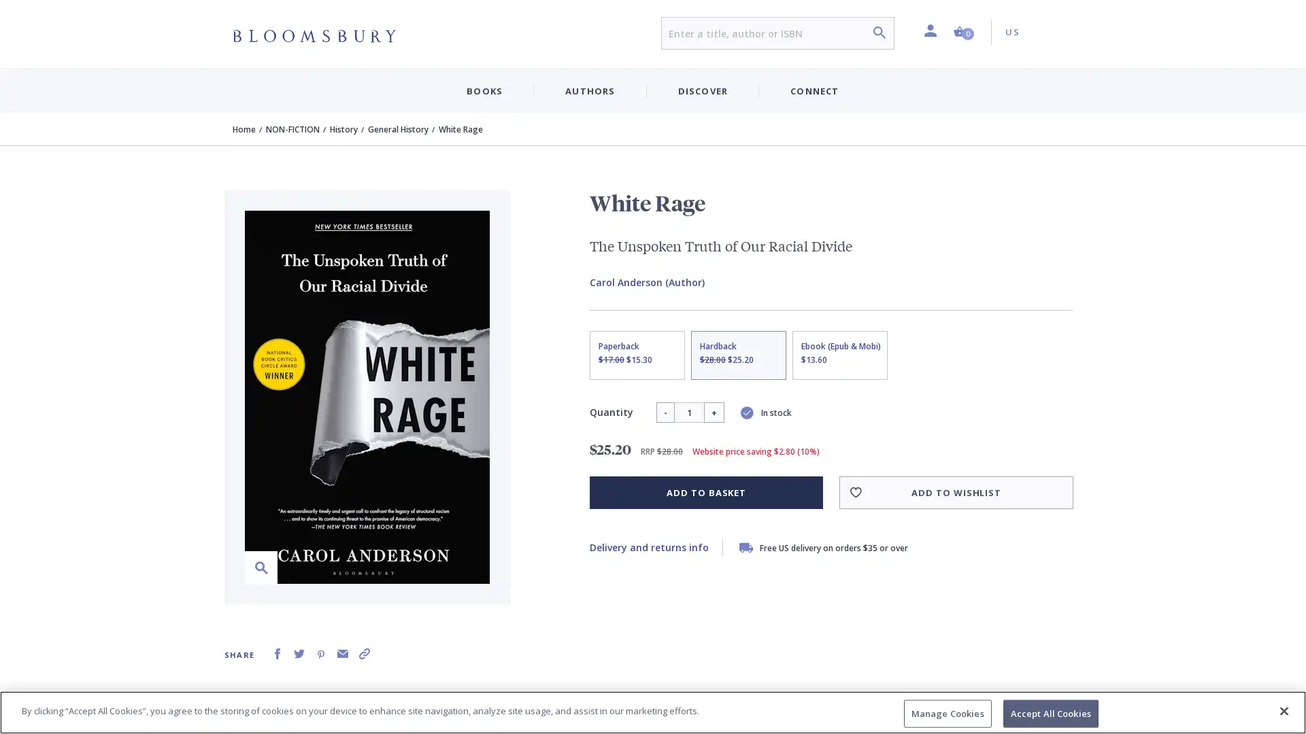 This screenshot has height=734, width=1306. I want to click on -, so click(665, 411).